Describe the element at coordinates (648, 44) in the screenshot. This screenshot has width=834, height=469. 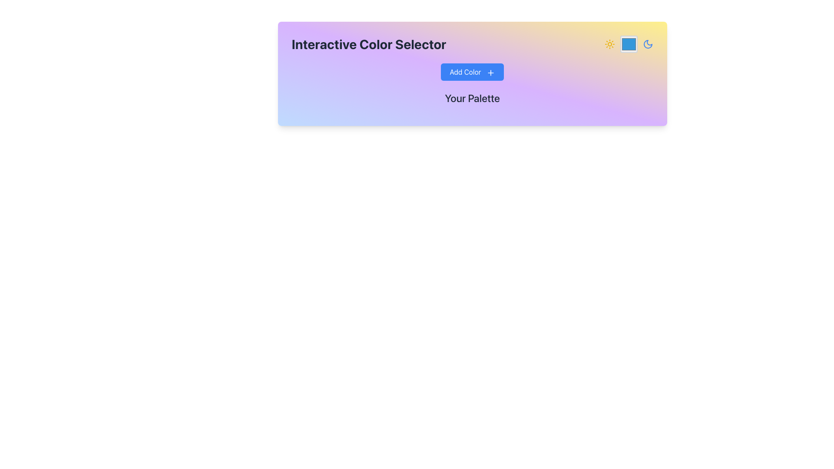
I see `the blue crescent moon icon button located at the far right of the icon row` at that location.